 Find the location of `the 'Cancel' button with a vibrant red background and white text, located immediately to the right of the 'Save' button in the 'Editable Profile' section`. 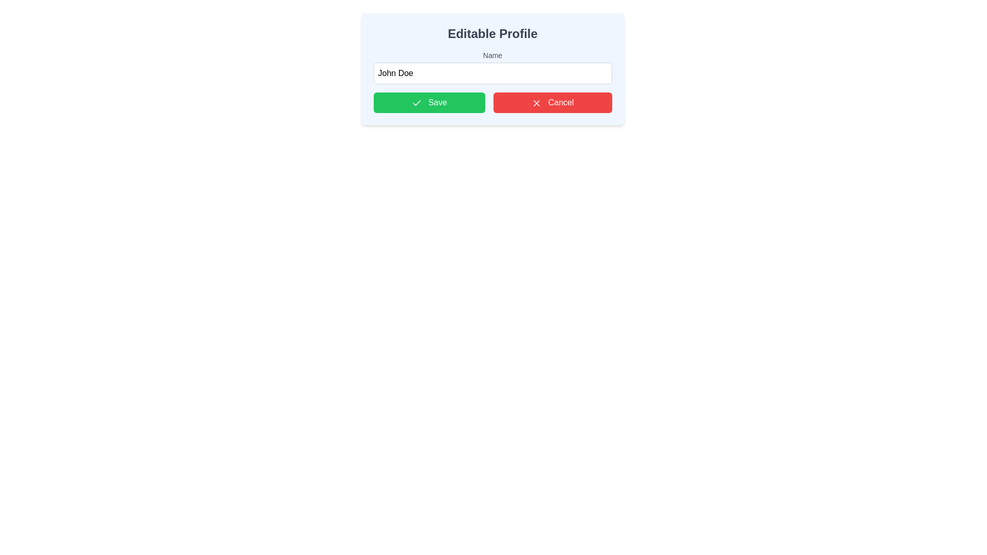

the 'Cancel' button with a vibrant red background and white text, located immediately to the right of the 'Save' button in the 'Editable Profile' section is located at coordinates (552, 103).